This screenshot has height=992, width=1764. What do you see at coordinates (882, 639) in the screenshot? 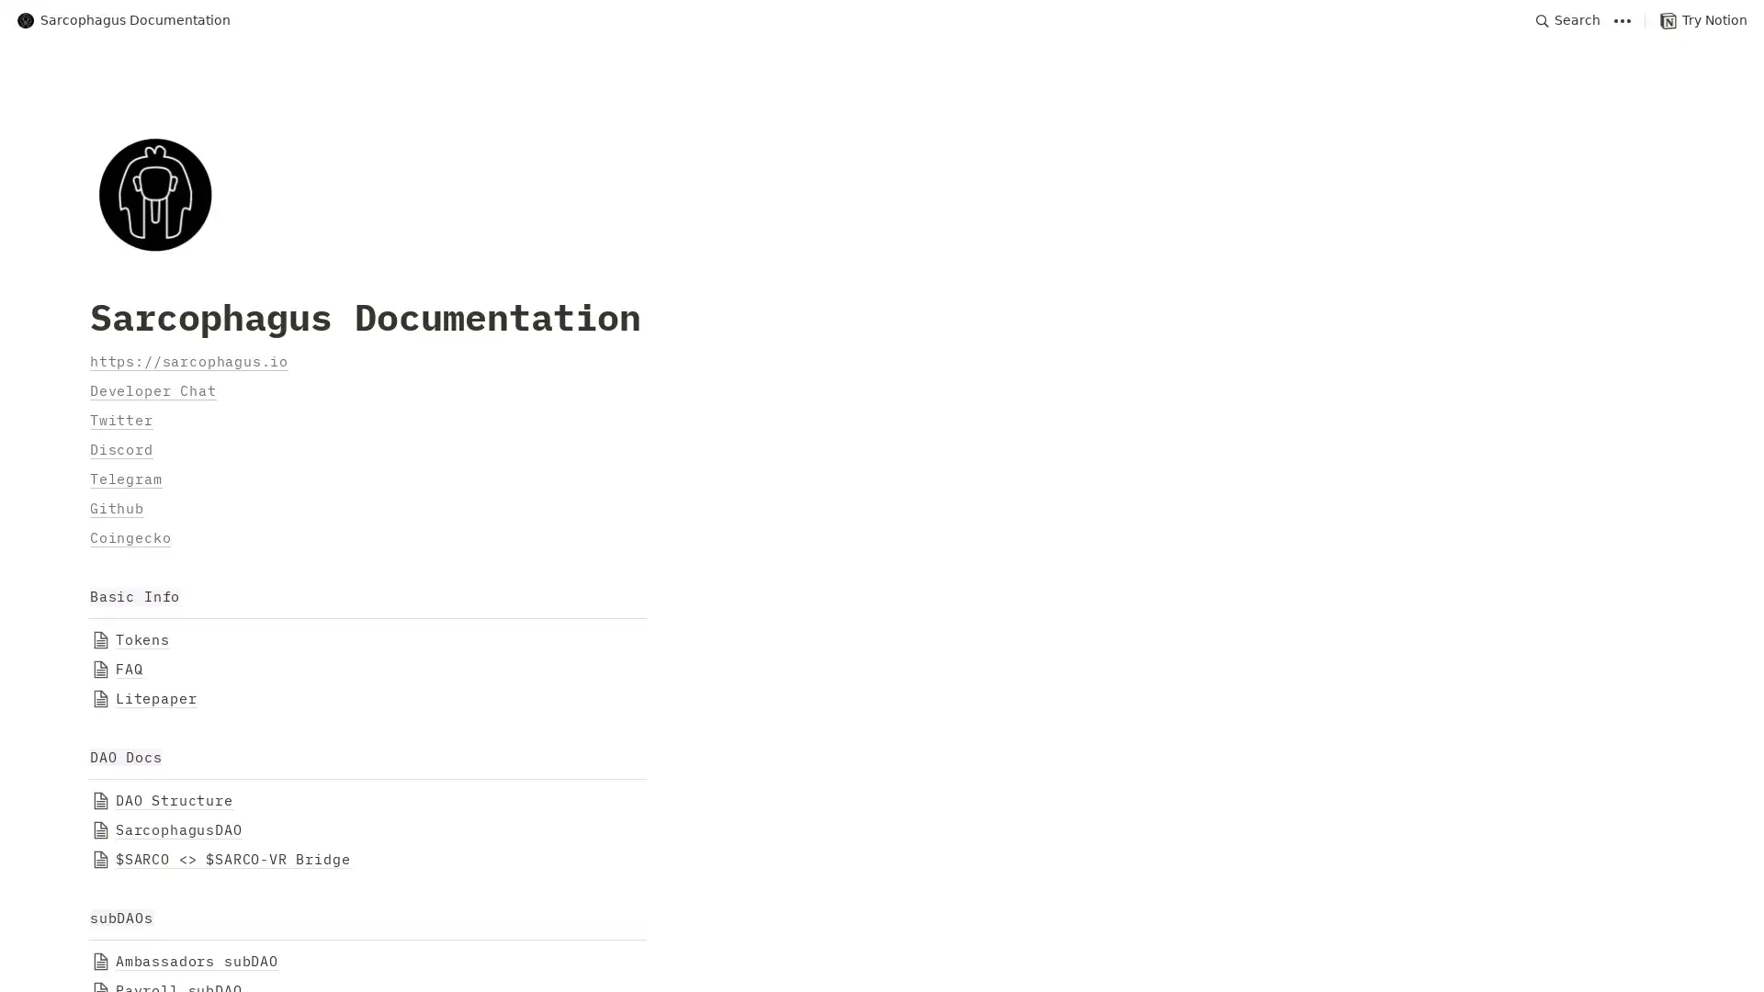
I see `Tokens` at bounding box center [882, 639].